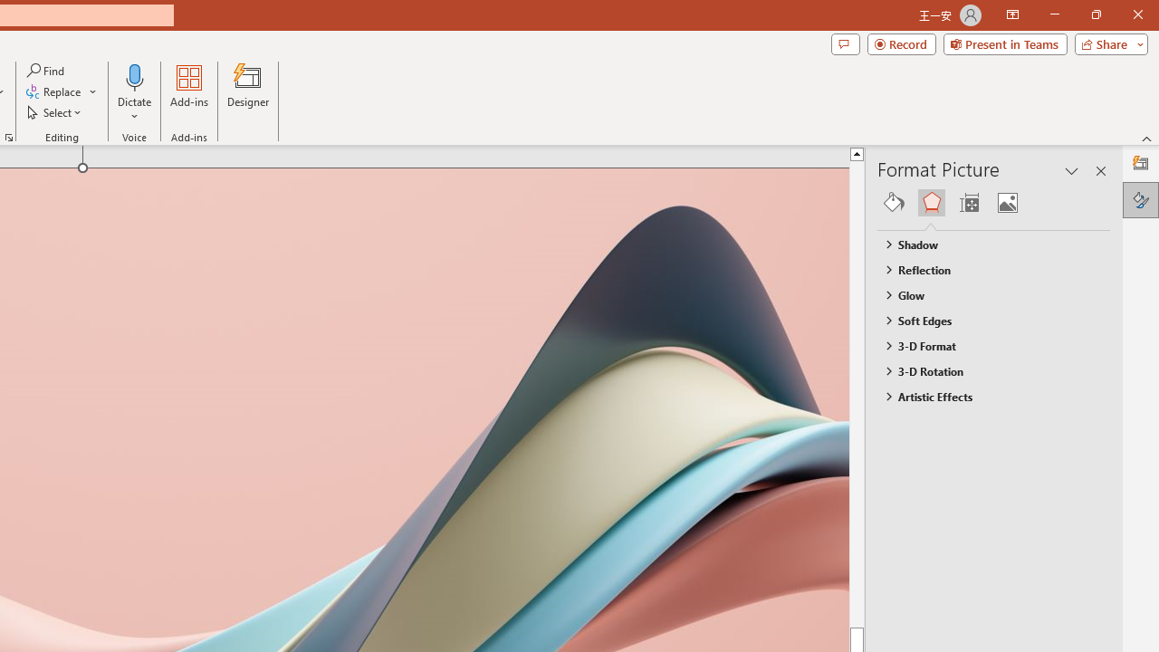 The width and height of the screenshot is (1159, 652). Describe the element at coordinates (1006, 202) in the screenshot. I see `'Picture'` at that location.